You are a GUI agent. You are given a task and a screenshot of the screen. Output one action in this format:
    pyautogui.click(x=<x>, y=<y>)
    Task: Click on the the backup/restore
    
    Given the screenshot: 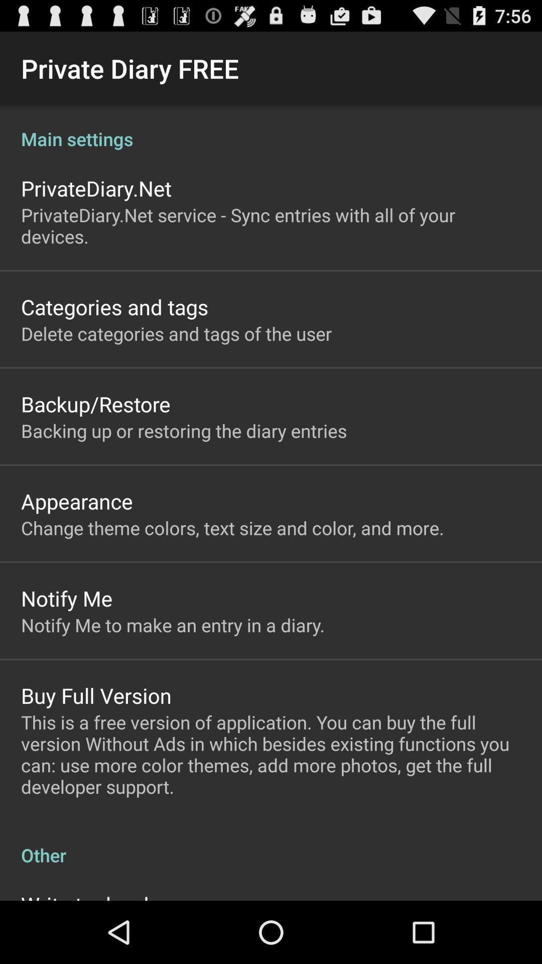 What is the action you would take?
    pyautogui.click(x=95, y=404)
    